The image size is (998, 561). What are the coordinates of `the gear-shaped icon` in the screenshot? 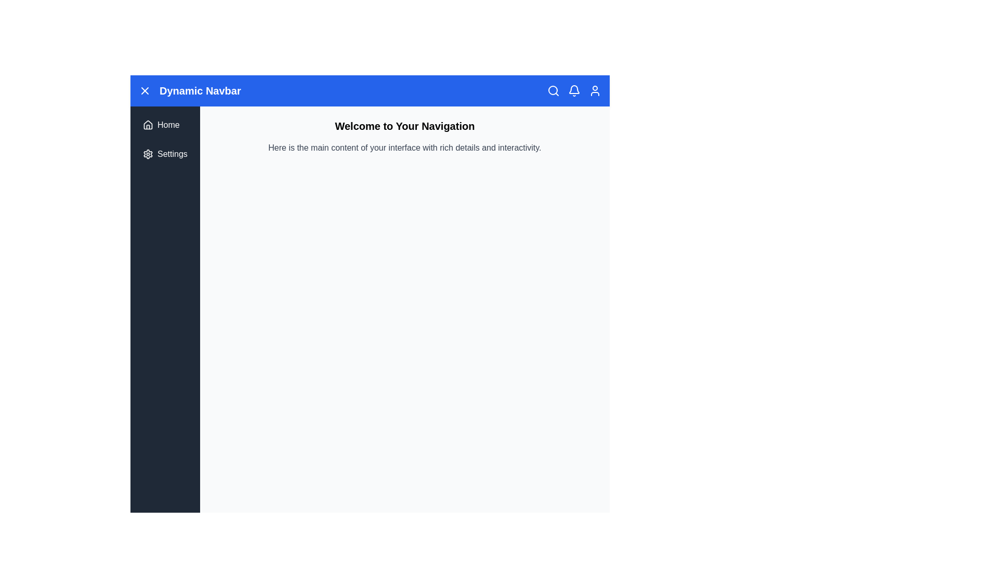 It's located at (147, 154).